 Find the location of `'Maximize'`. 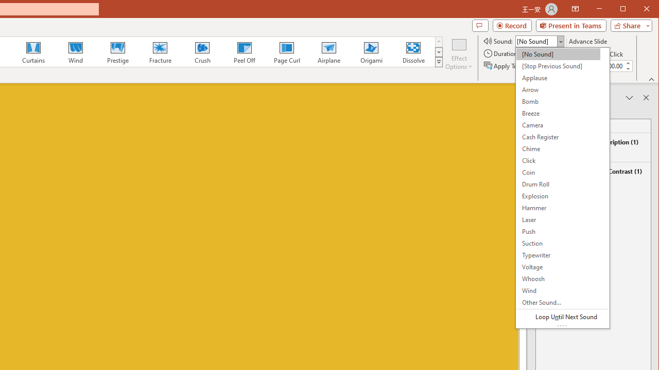

'Maximize' is located at coordinates (637, 10).